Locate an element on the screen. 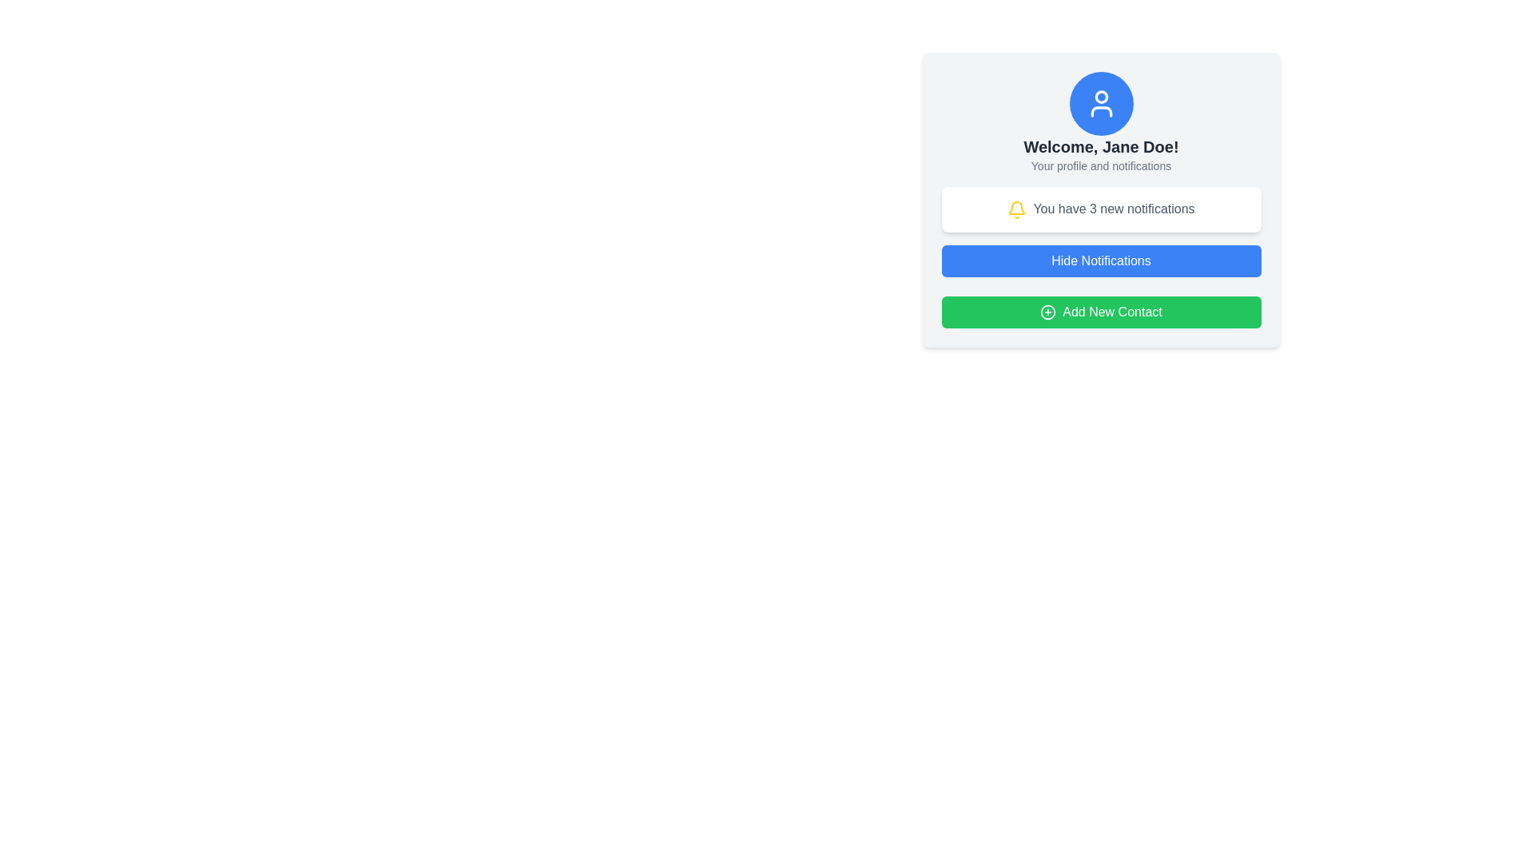 This screenshot has height=863, width=1534. the user icon located at the center of a blue circular button at the top of the panel for navigation is located at coordinates (1100, 104).